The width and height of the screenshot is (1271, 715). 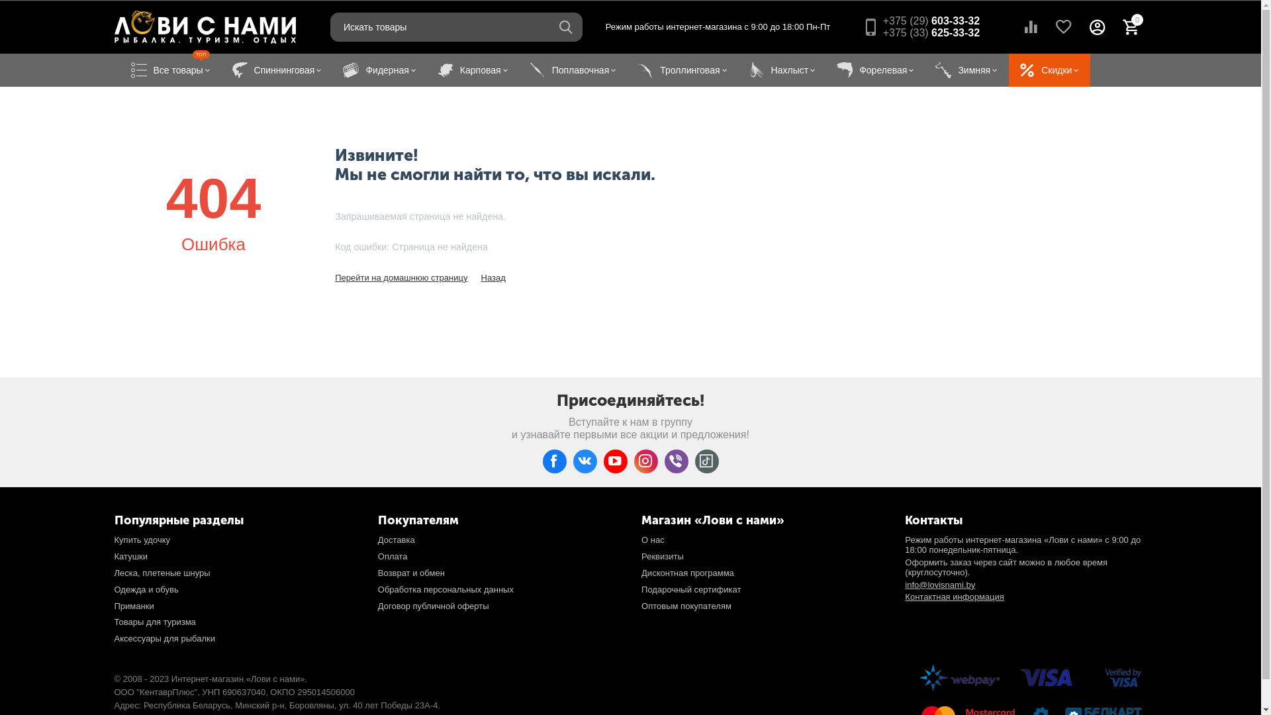 What do you see at coordinates (930, 21) in the screenshot?
I see `'+375 (29) 603-33-32'` at bounding box center [930, 21].